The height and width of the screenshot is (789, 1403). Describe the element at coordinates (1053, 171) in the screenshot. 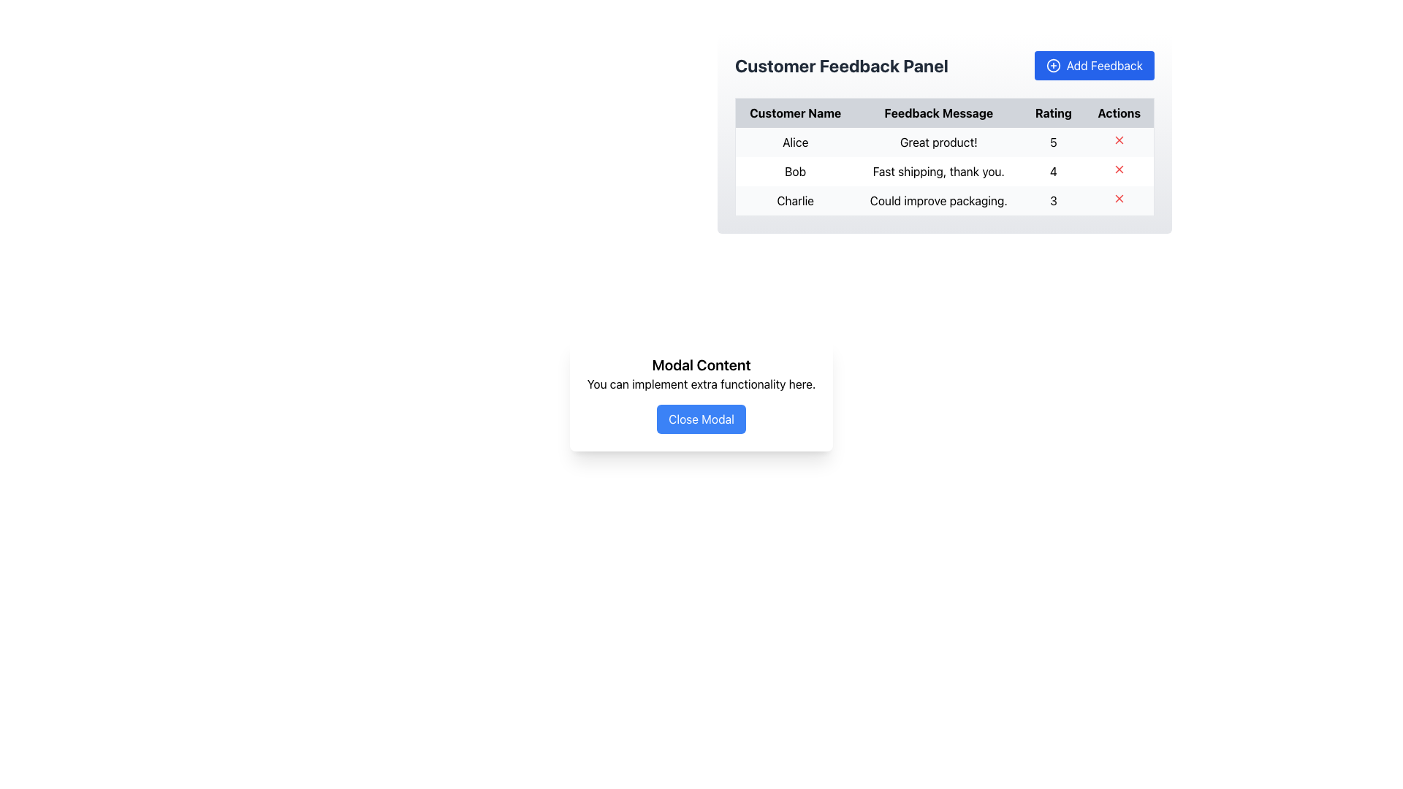

I see `the table cell displaying the rating value for 'Bob's feedback entry in the 'Customer Feedback Panel' table` at that location.